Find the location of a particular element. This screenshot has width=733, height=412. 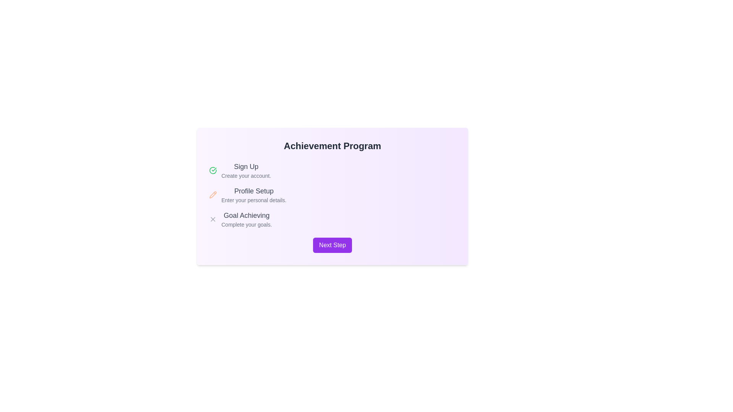

the pulsing animation effect of the orange pencil icon located to the left of the 'Profile Setup' text is located at coordinates (213, 194).